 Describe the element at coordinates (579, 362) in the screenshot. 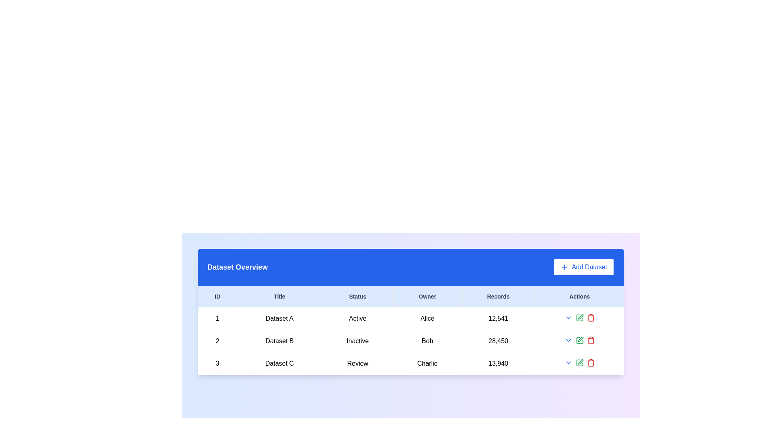

I see `the green pen icon button in the last row of the table under the 'Actions' column` at that location.